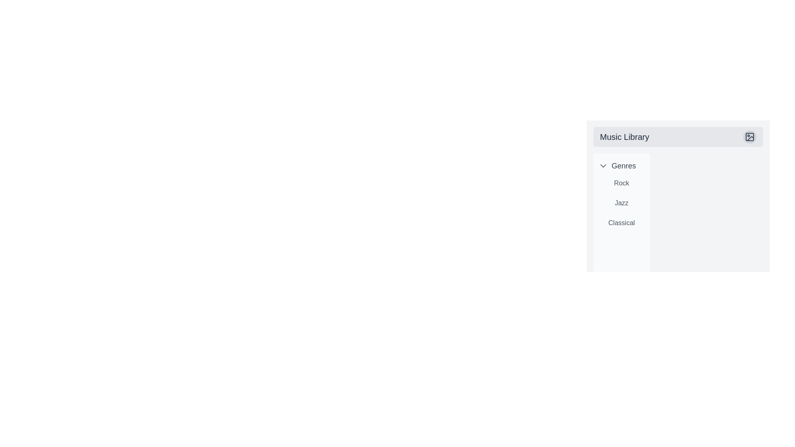 The height and width of the screenshot is (447, 795). Describe the element at coordinates (622, 203) in the screenshot. I see `the clickable text link styled as a button that displays the word 'Jazz' in the sidebar menu under the 'Genres' section of the 'Music Library' interface to visually emphasize the element` at that location.